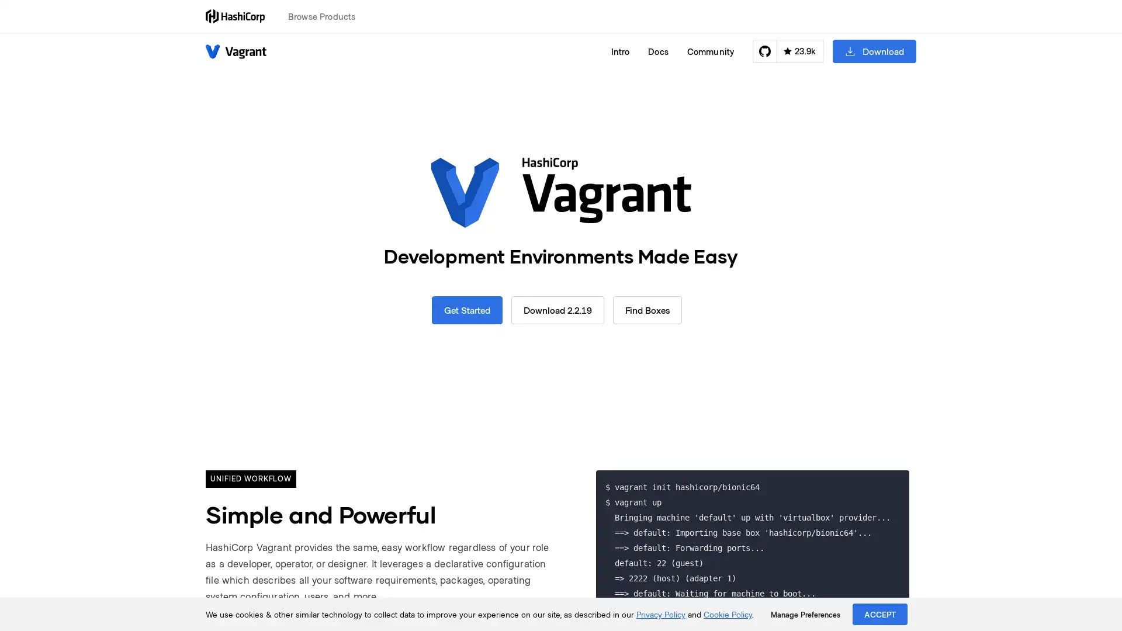 The image size is (1122, 631). Describe the element at coordinates (805, 614) in the screenshot. I see `Manage Preferences` at that location.